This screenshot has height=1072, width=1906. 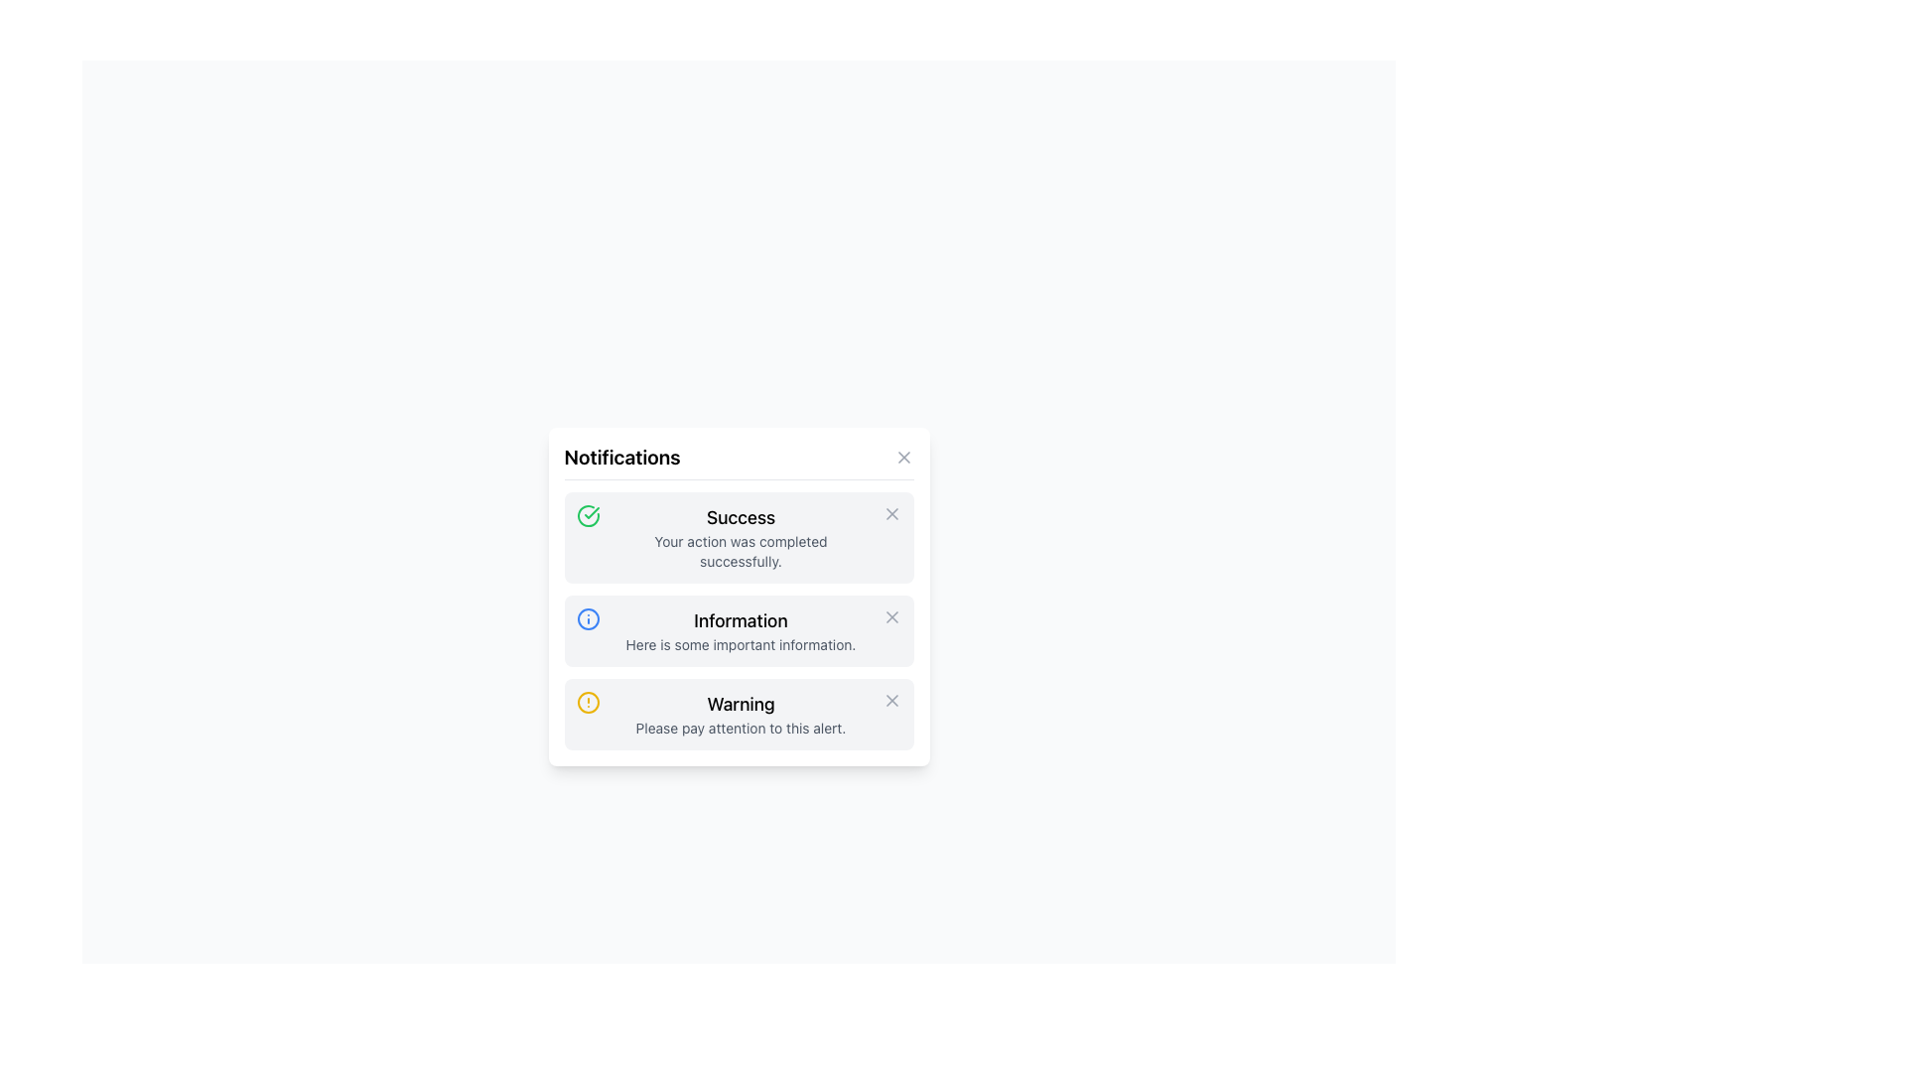 I want to click on the circular icon with a blue outline located before the text 'Information' in the notification card within the Notifications panel, so click(x=587, y=617).